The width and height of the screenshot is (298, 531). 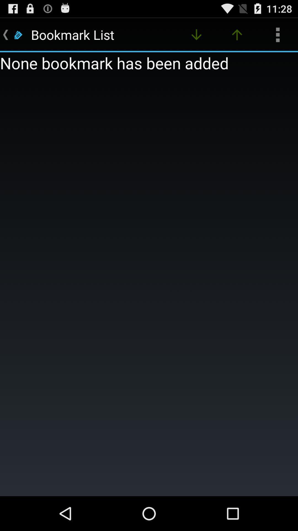 I want to click on the item at the top, so click(x=196, y=34).